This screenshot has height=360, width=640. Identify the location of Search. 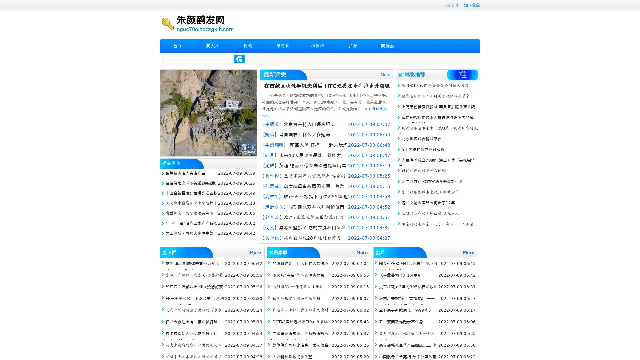
(239, 59).